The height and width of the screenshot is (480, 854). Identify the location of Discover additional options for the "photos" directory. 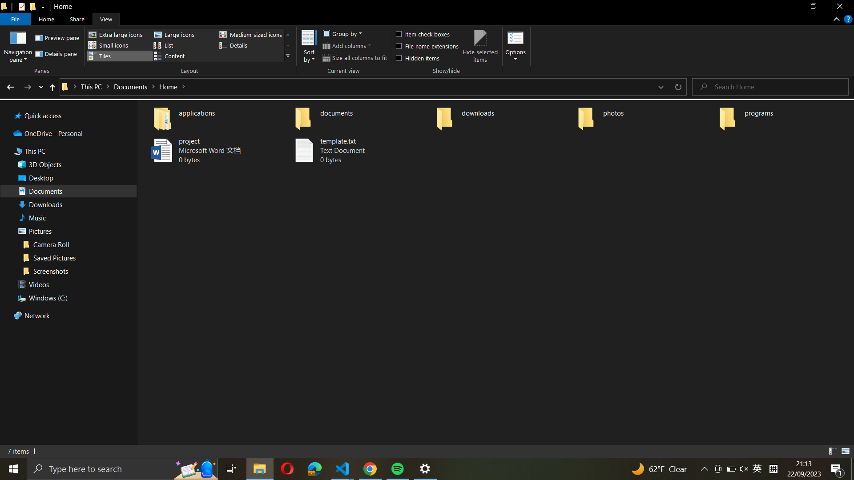
(645, 116).